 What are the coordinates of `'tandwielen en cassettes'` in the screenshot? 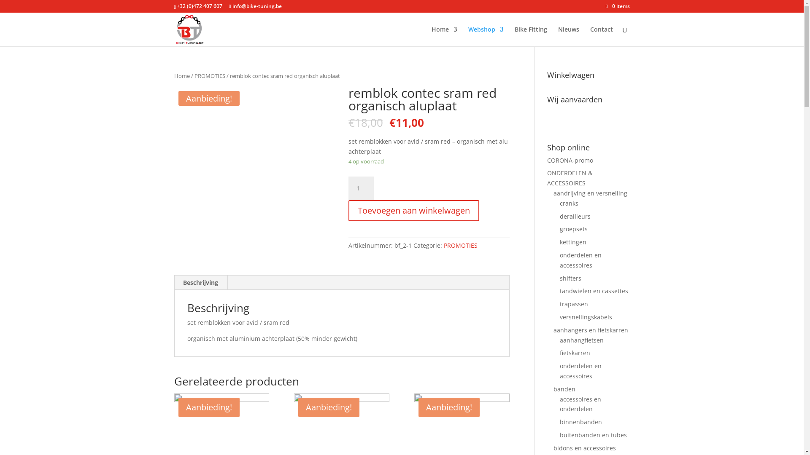 It's located at (593, 290).